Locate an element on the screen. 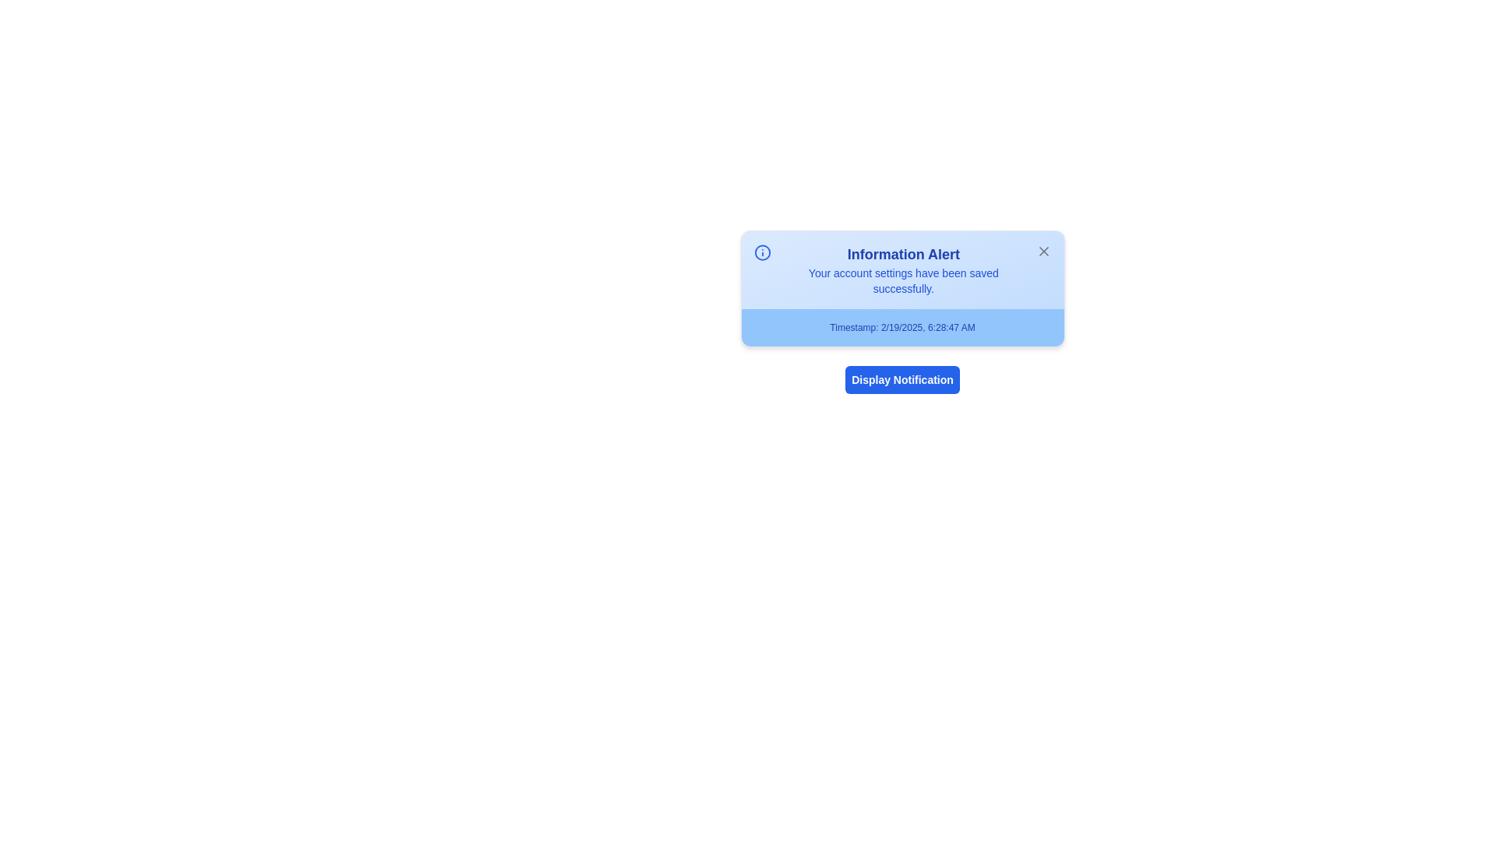 The image size is (1496, 841). the 'Display Notification' button to show the notifier is located at coordinates (902, 380).